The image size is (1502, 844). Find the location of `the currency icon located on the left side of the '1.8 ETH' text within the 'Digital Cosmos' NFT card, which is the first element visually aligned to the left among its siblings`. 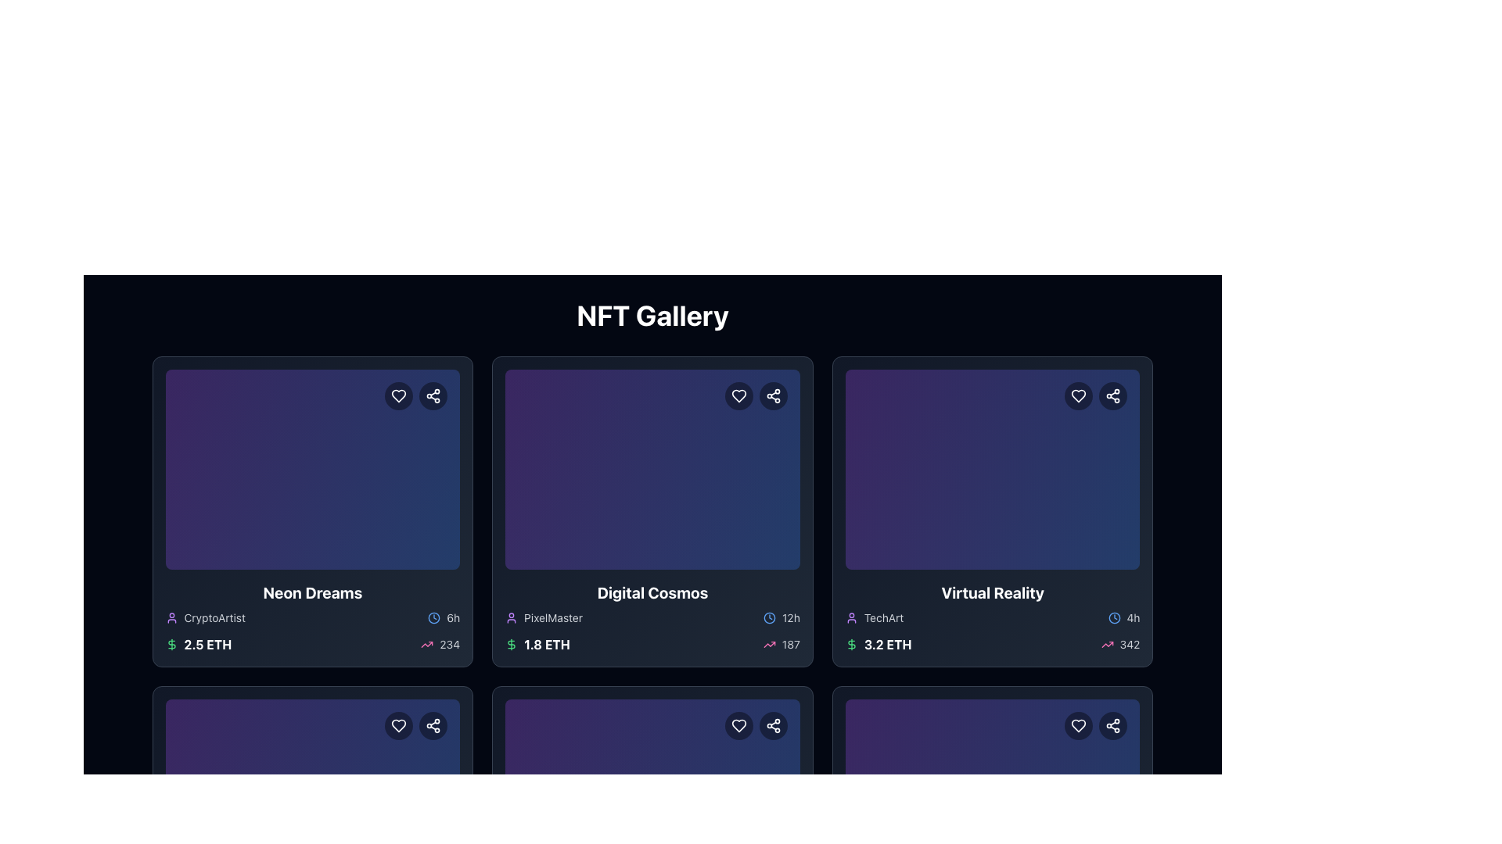

the currency icon located on the left side of the '1.8 ETH' text within the 'Digital Cosmos' NFT card, which is the first element visually aligned to the left among its siblings is located at coordinates (512, 645).